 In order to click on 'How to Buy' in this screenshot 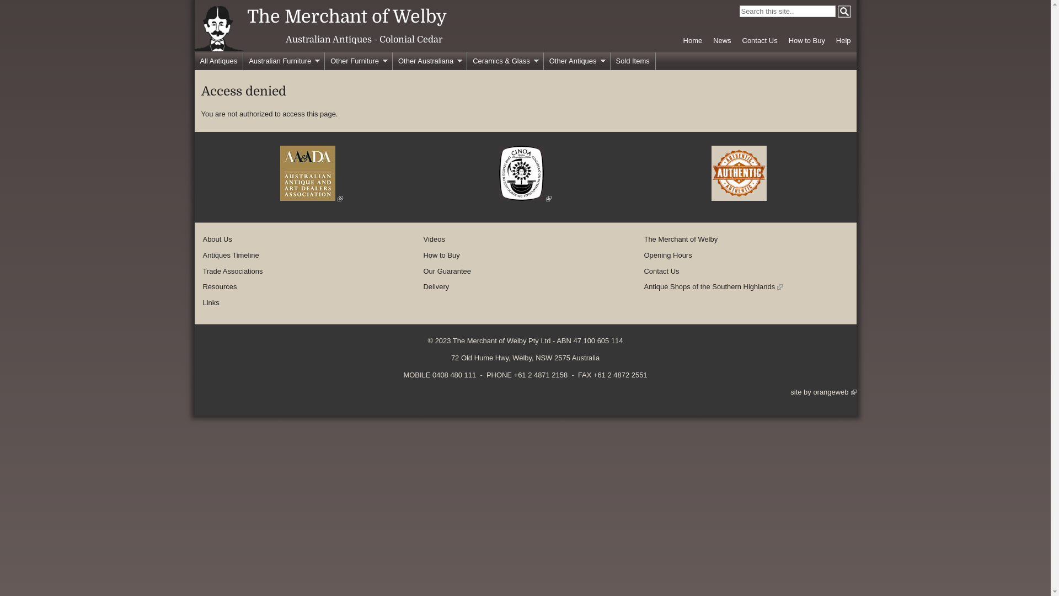, I will do `click(442, 255)`.